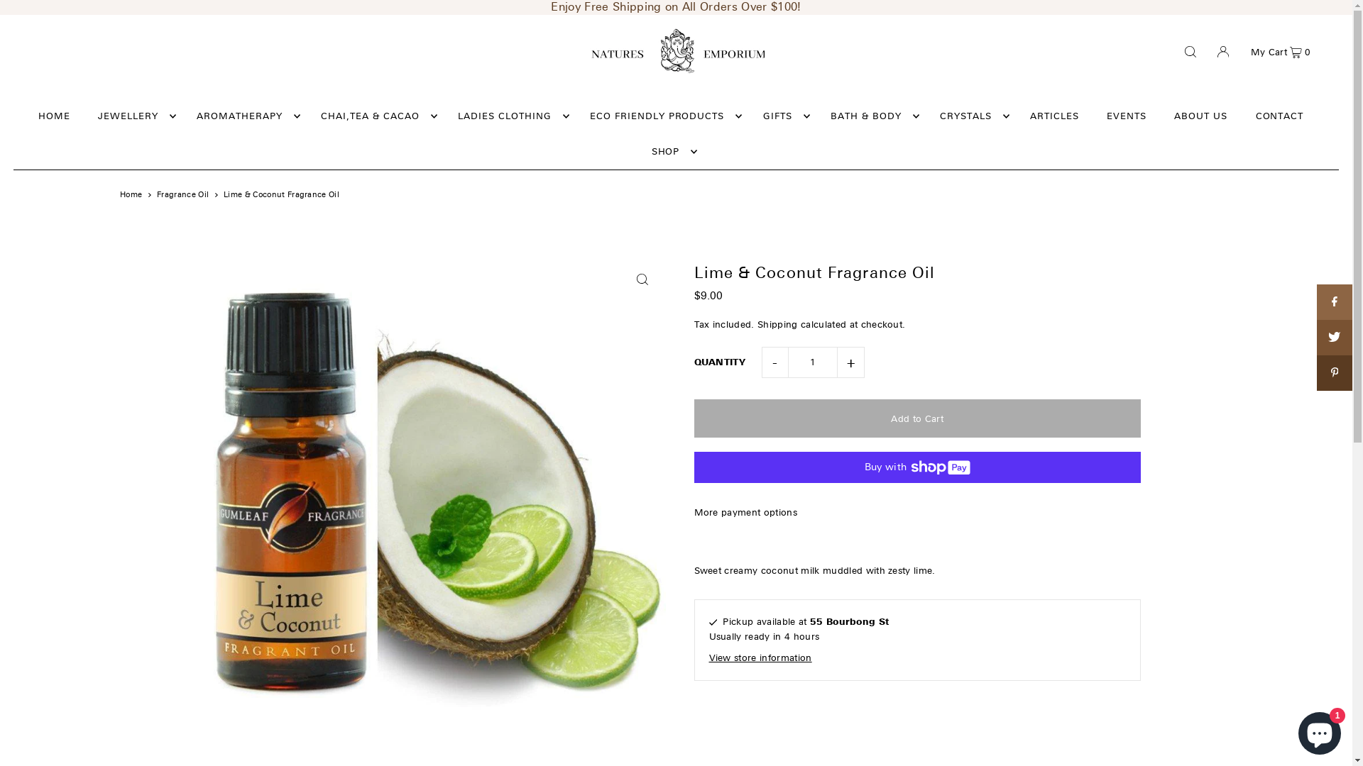 This screenshot has height=766, width=1363. What do you see at coordinates (1318, 730) in the screenshot?
I see `'Shopify online store chat'` at bounding box center [1318, 730].